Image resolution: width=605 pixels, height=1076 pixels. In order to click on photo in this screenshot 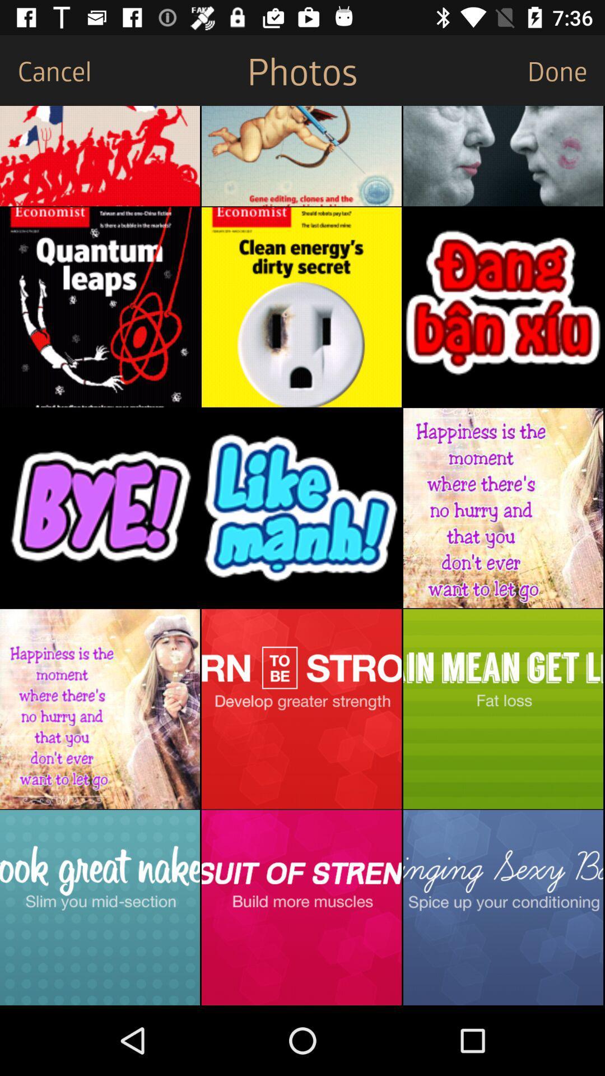, I will do `click(301, 307)`.